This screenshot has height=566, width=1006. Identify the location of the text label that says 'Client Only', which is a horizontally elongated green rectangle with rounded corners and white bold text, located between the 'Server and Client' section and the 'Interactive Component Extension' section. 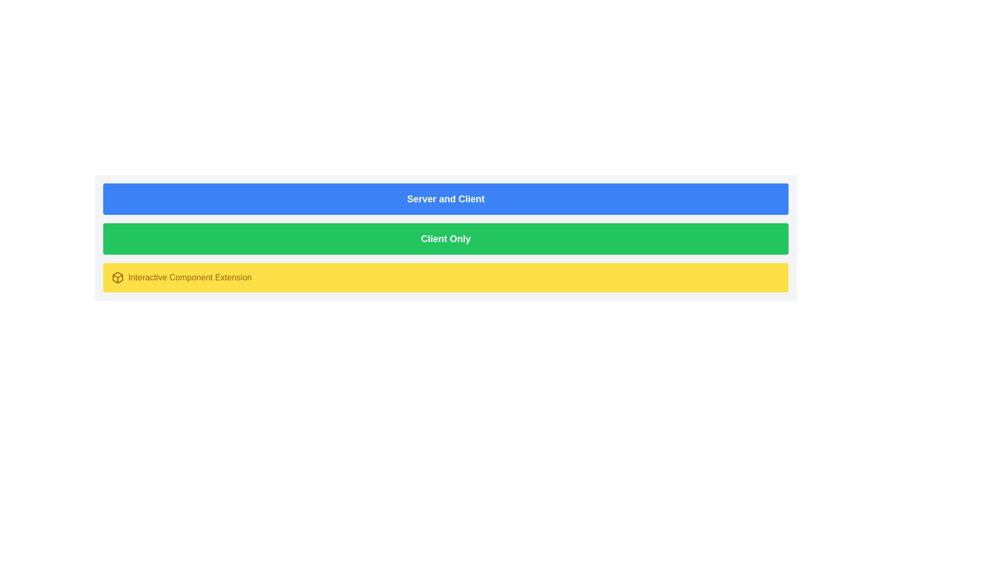
(445, 238).